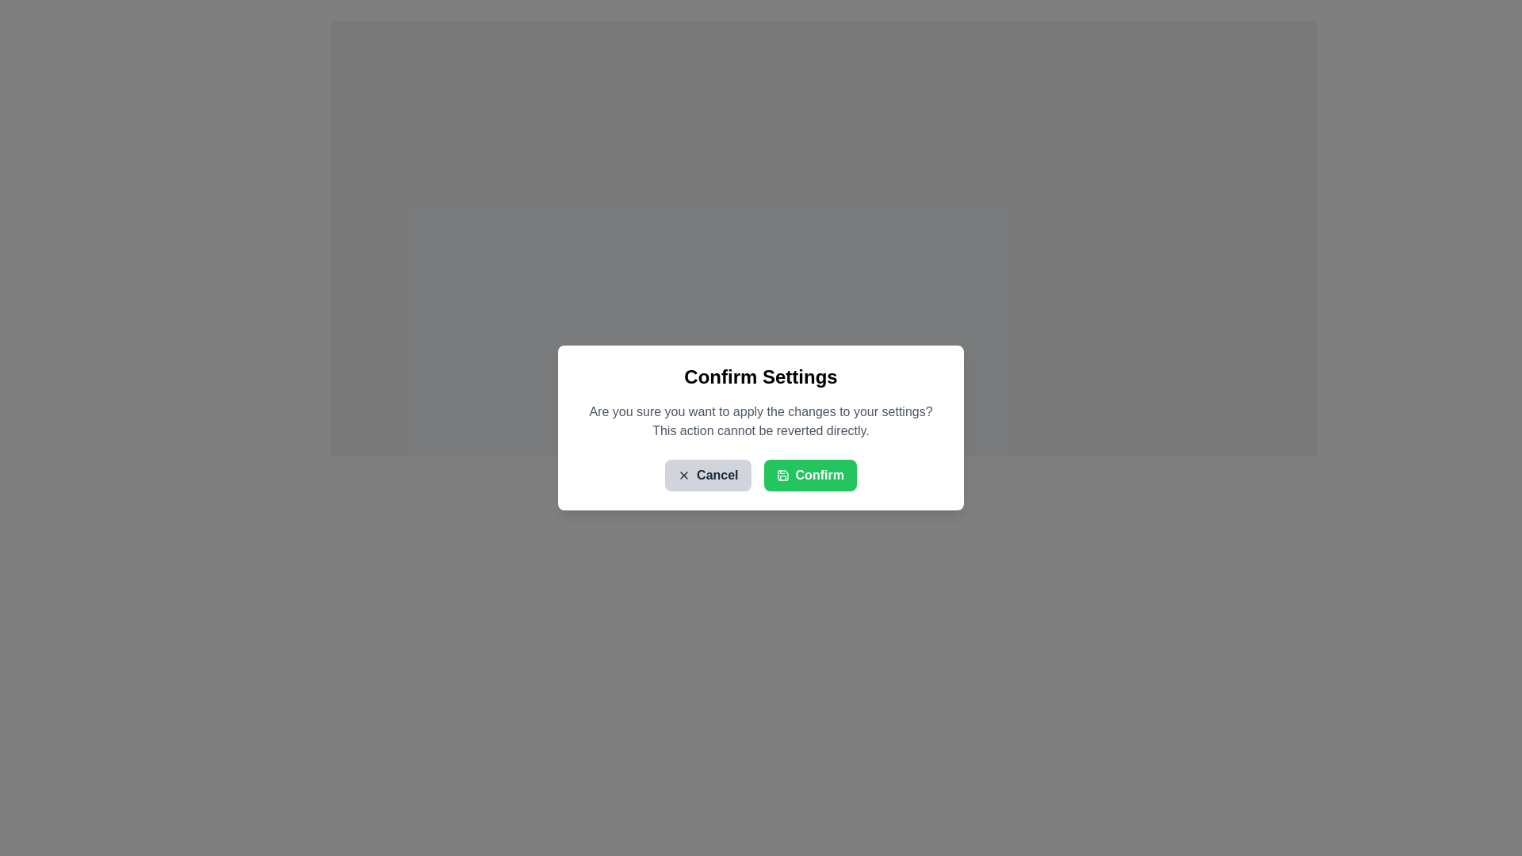 The image size is (1522, 856). I want to click on the Button Group located centrally within the modal dialog box, so click(761, 475).